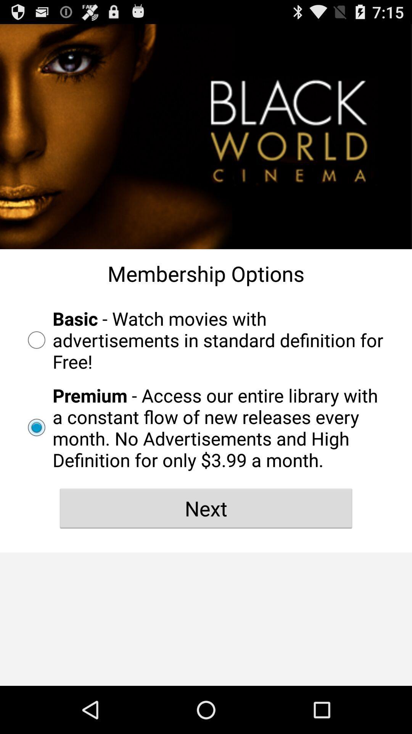  What do you see at coordinates (206, 339) in the screenshot?
I see `basic watch movies item` at bounding box center [206, 339].